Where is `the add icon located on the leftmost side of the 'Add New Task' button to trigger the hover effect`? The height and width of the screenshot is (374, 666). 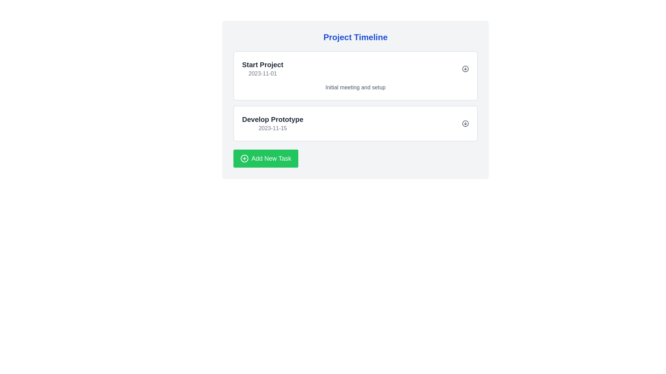 the add icon located on the leftmost side of the 'Add New Task' button to trigger the hover effect is located at coordinates (245, 159).